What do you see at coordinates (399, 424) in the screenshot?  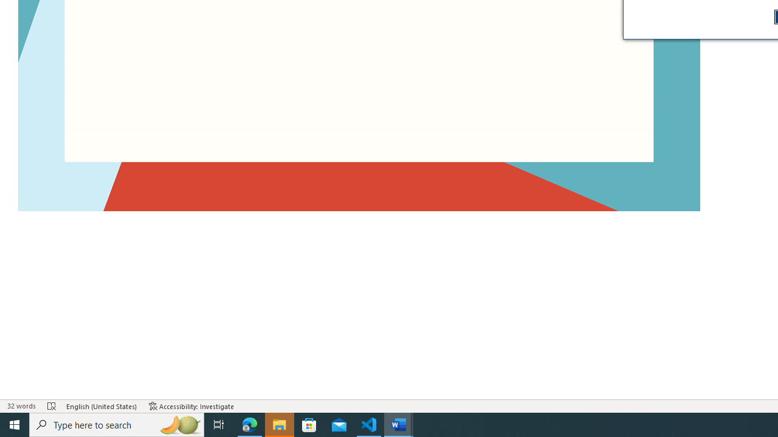 I see `'Word - 2 running windows'` at bounding box center [399, 424].